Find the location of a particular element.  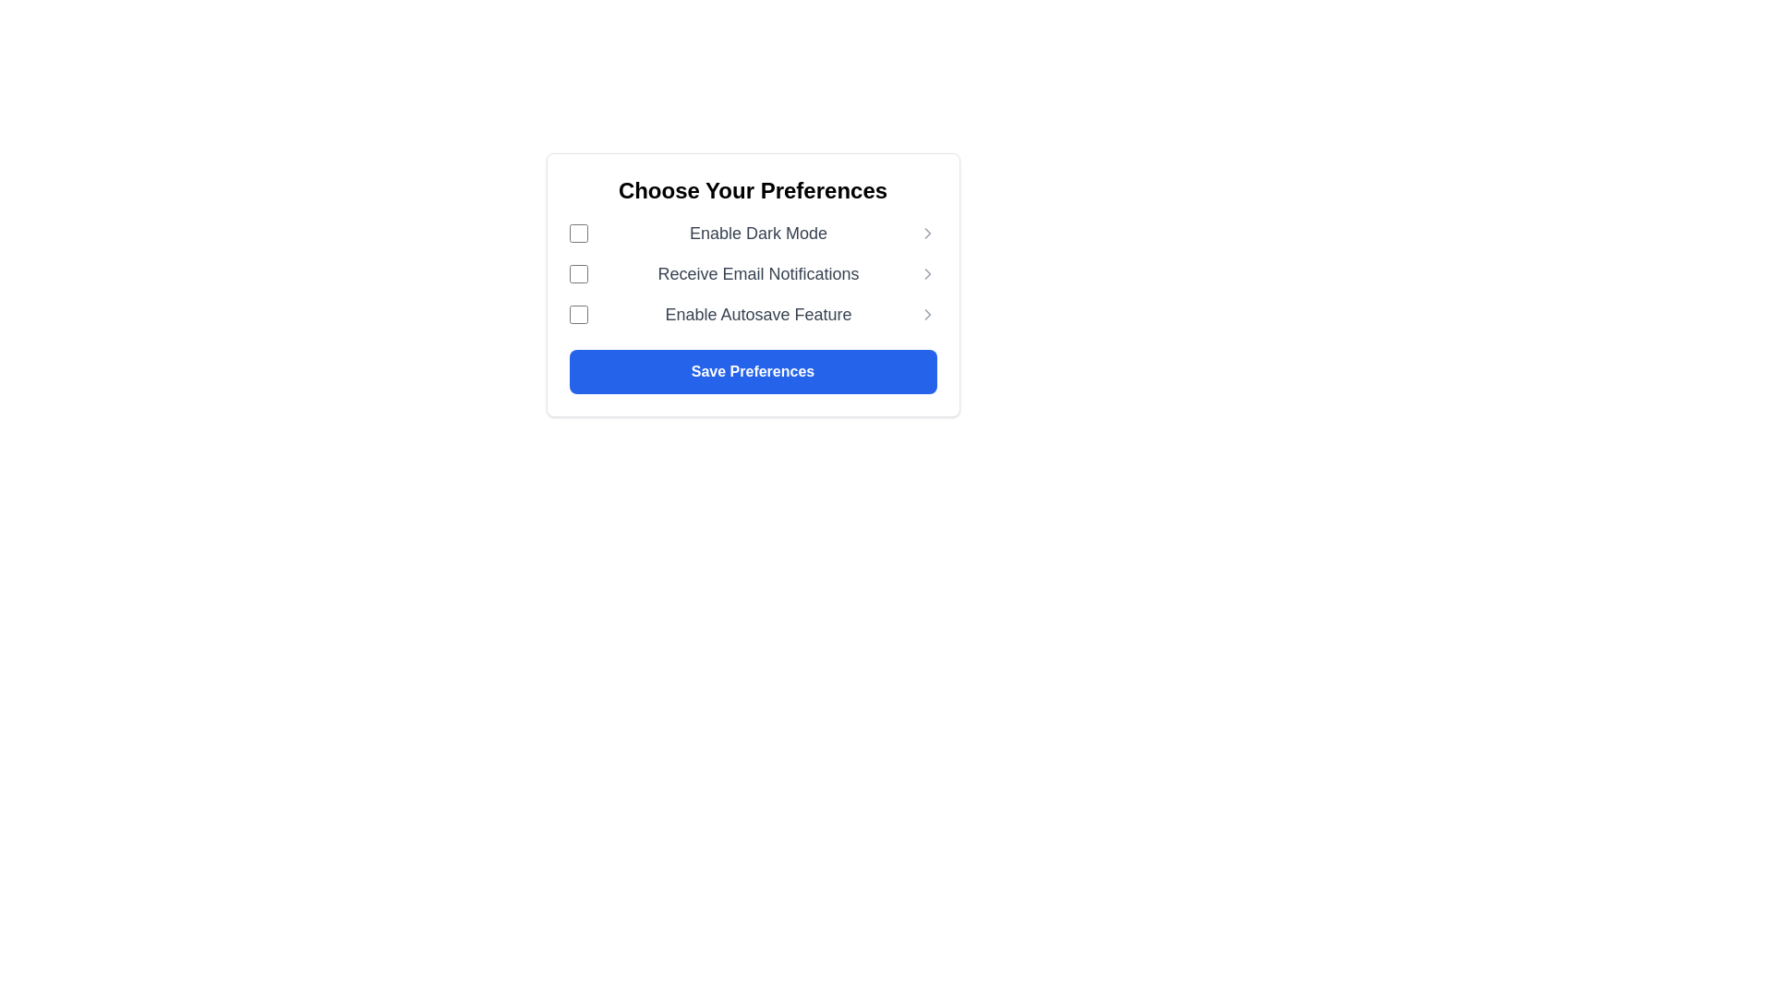

the 'Save Preferences' button to save the selected options is located at coordinates (753, 371).